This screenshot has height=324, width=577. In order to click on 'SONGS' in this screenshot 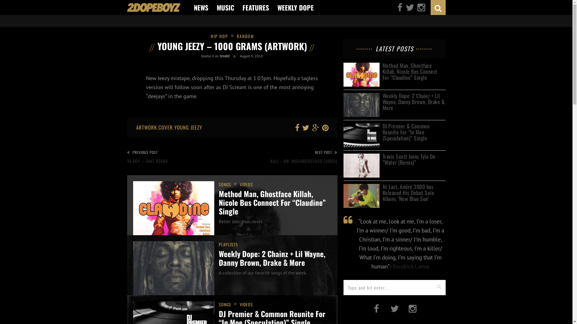, I will do `click(227, 304)`.